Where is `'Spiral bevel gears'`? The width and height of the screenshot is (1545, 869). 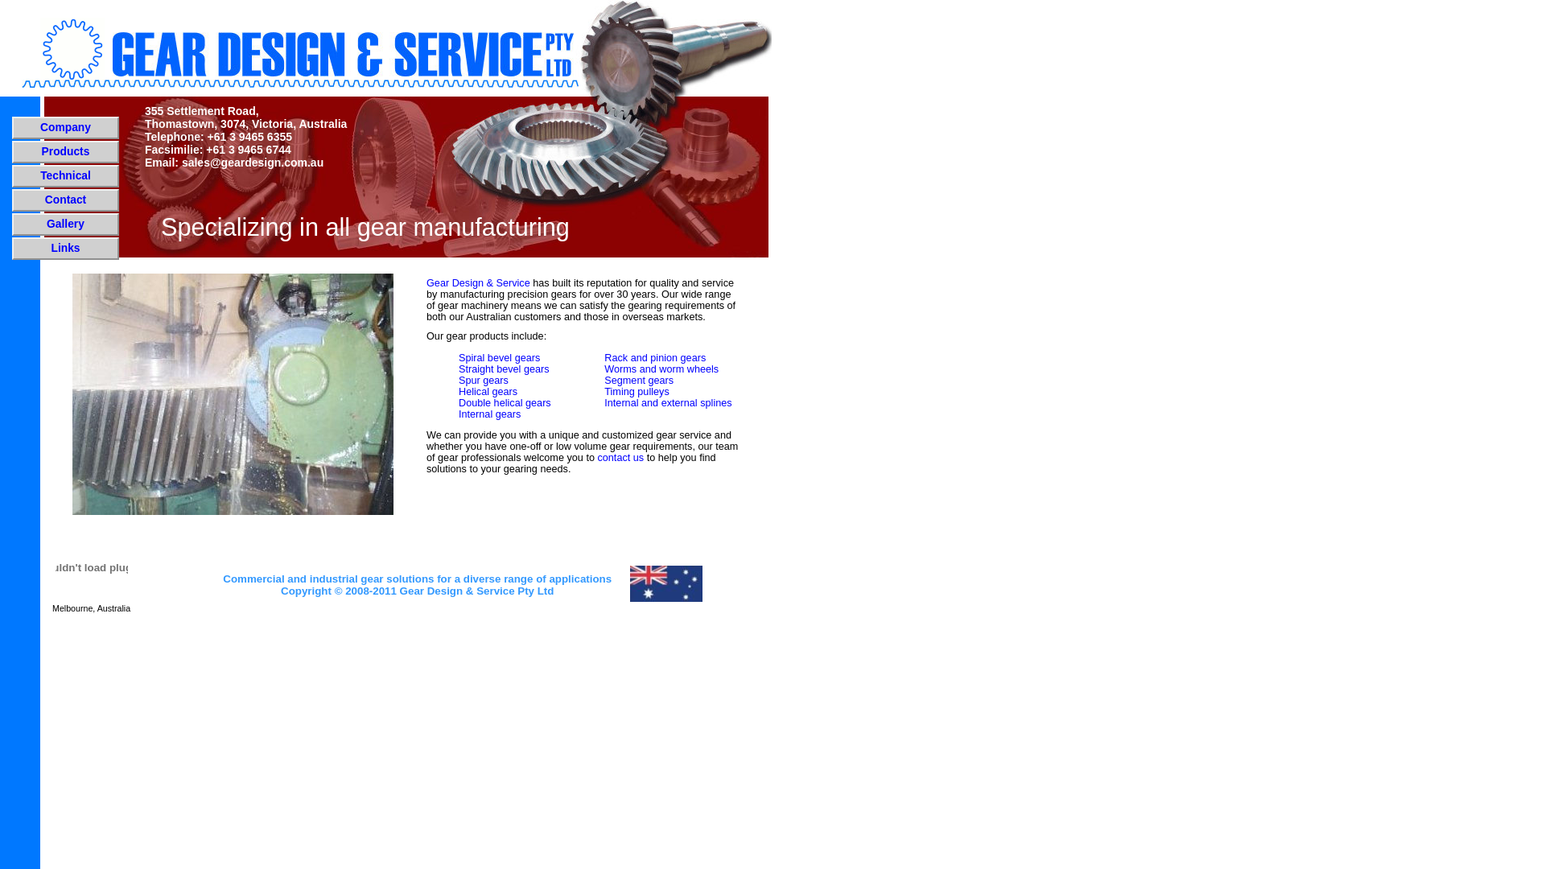 'Spiral bevel gears' is located at coordinates (498, 356).